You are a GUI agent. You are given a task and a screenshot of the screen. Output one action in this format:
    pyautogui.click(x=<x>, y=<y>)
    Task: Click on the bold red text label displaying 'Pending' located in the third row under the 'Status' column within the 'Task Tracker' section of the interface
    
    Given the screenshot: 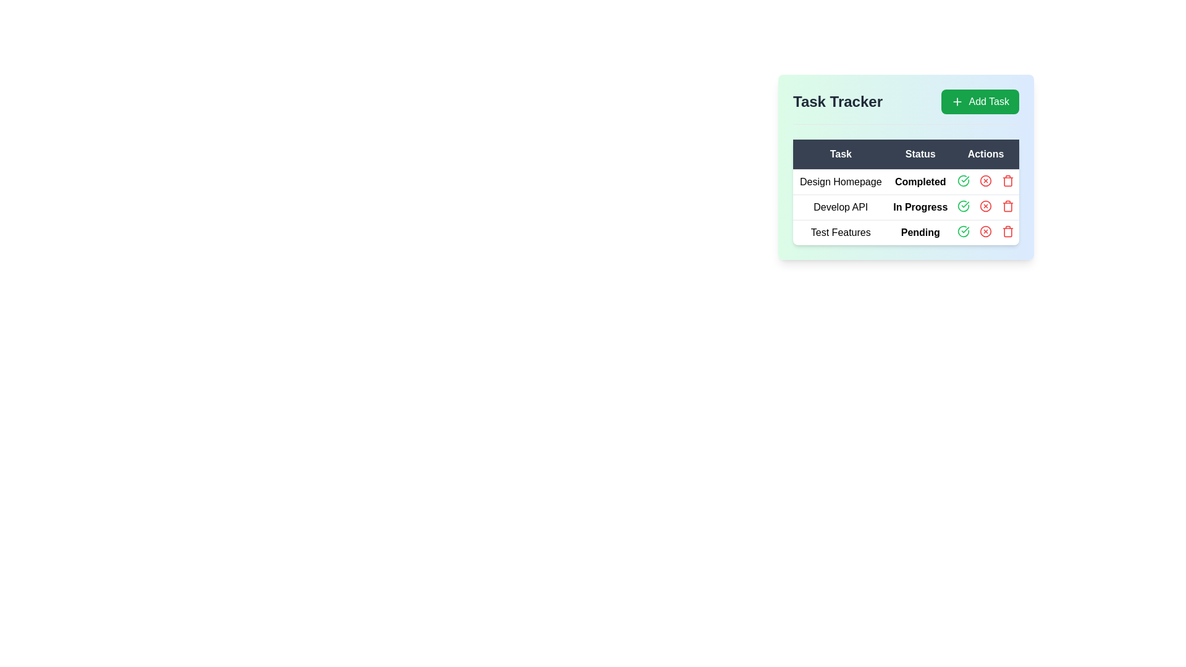 What is the action you would take?
    pyautogui.click(x=920, y=232)
    